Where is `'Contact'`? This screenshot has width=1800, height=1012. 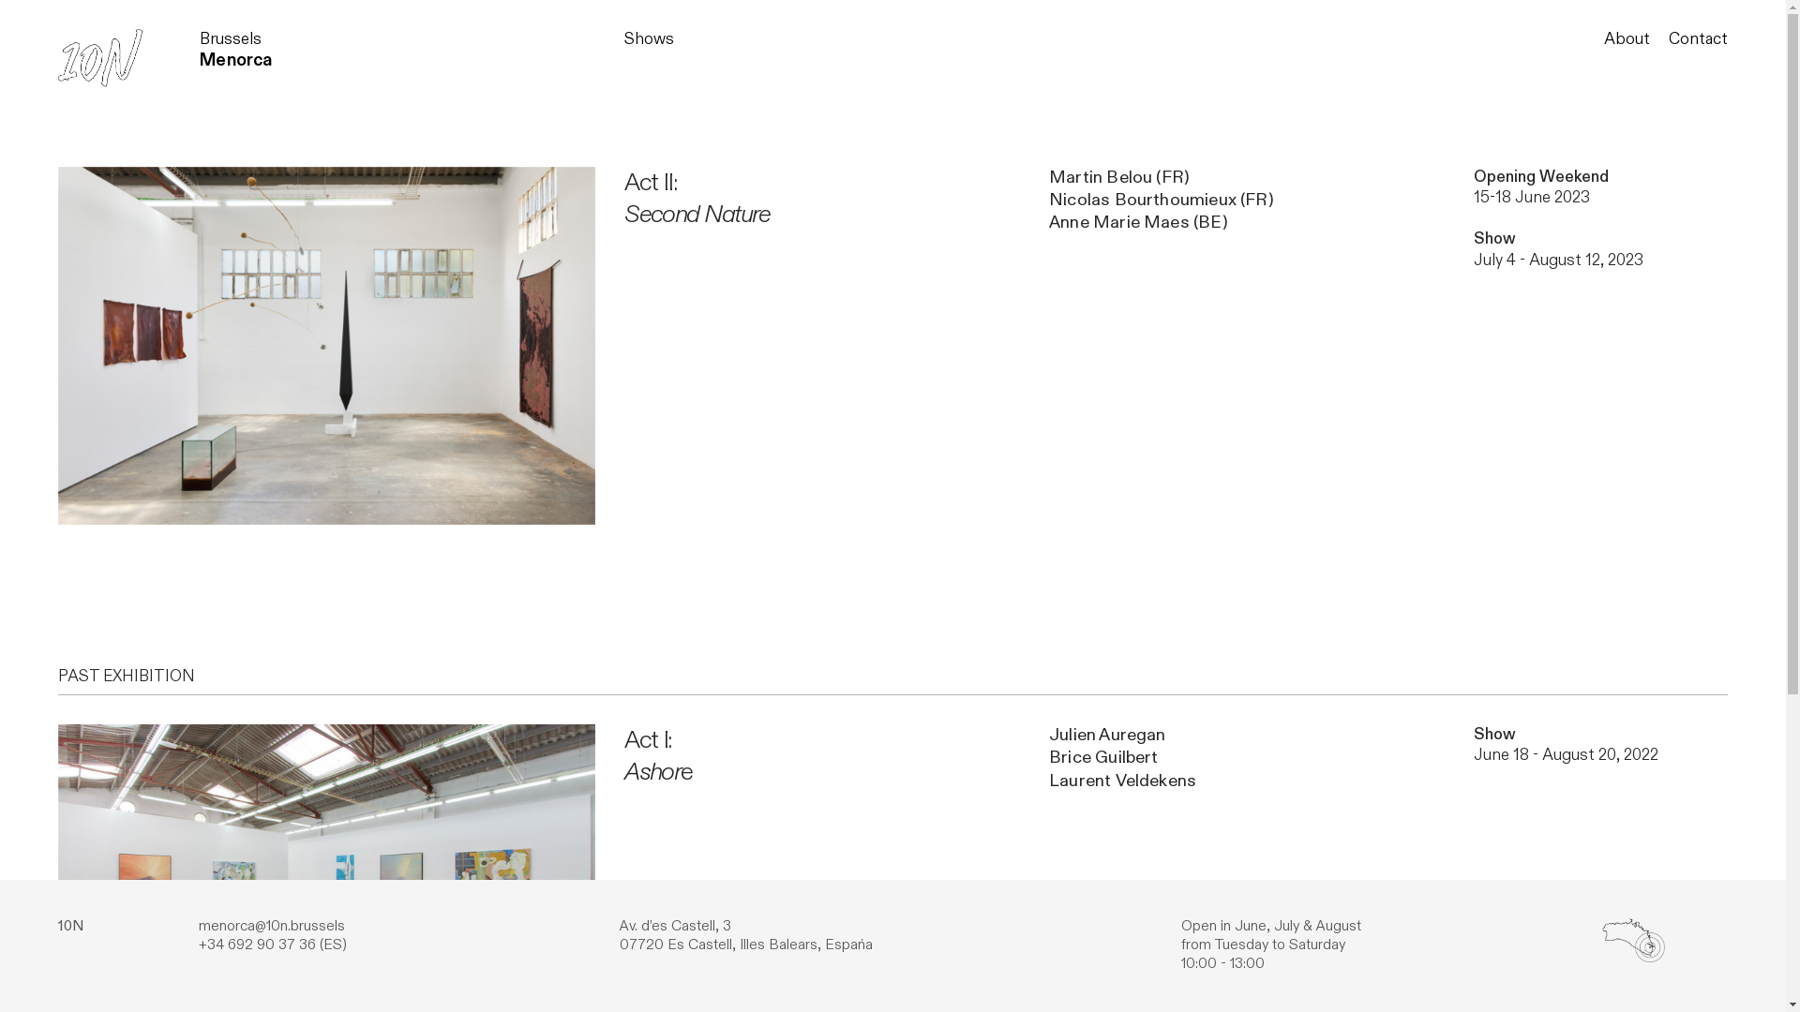 'Contact' is located at coordinates (1669, 38).